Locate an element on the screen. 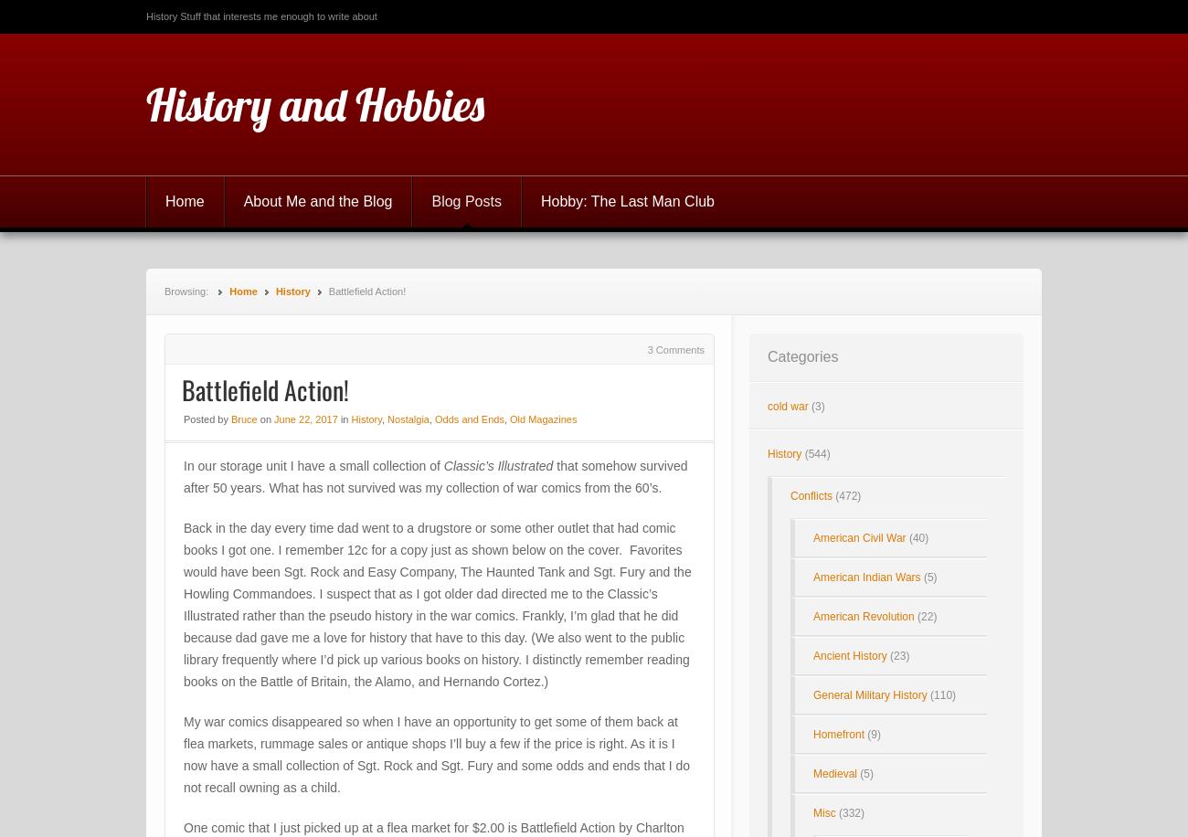  'My war comics disappeared so when I have an opportunity to get some of them back at flea markets, rummage sales or antique shops I’ll buy a few if the price is right. As it is I now have a small collection of Sgt. Rock and Sgt. Fury and some odds and ends that I do not recall owning as a child.' is located at coordinates (436, 754).